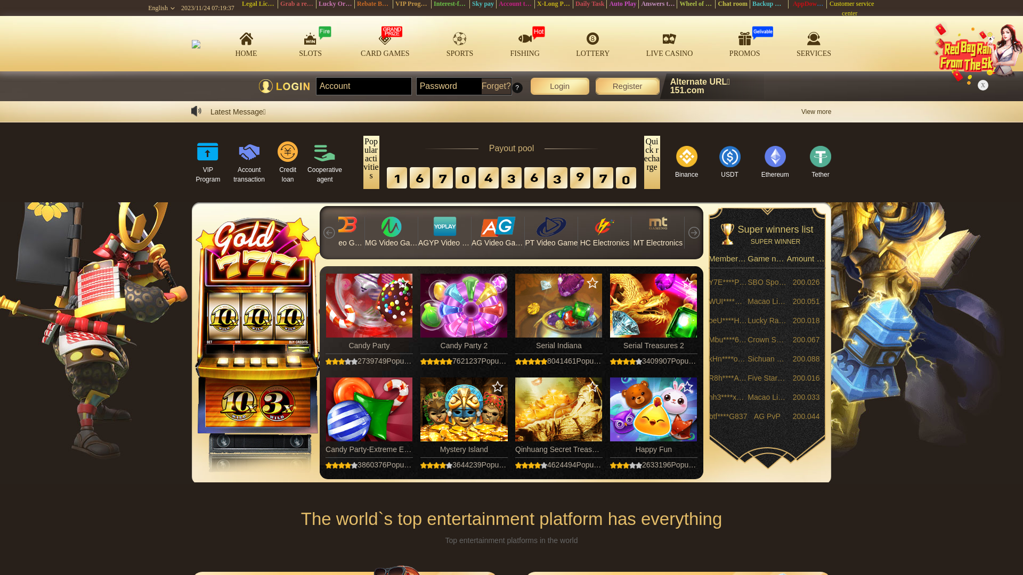  I want to click on 'SPORTS', so click(460, 43).